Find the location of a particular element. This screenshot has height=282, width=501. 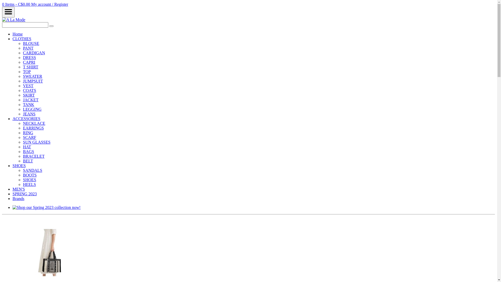

'MEN'S' is located at coordinates (19, 189).